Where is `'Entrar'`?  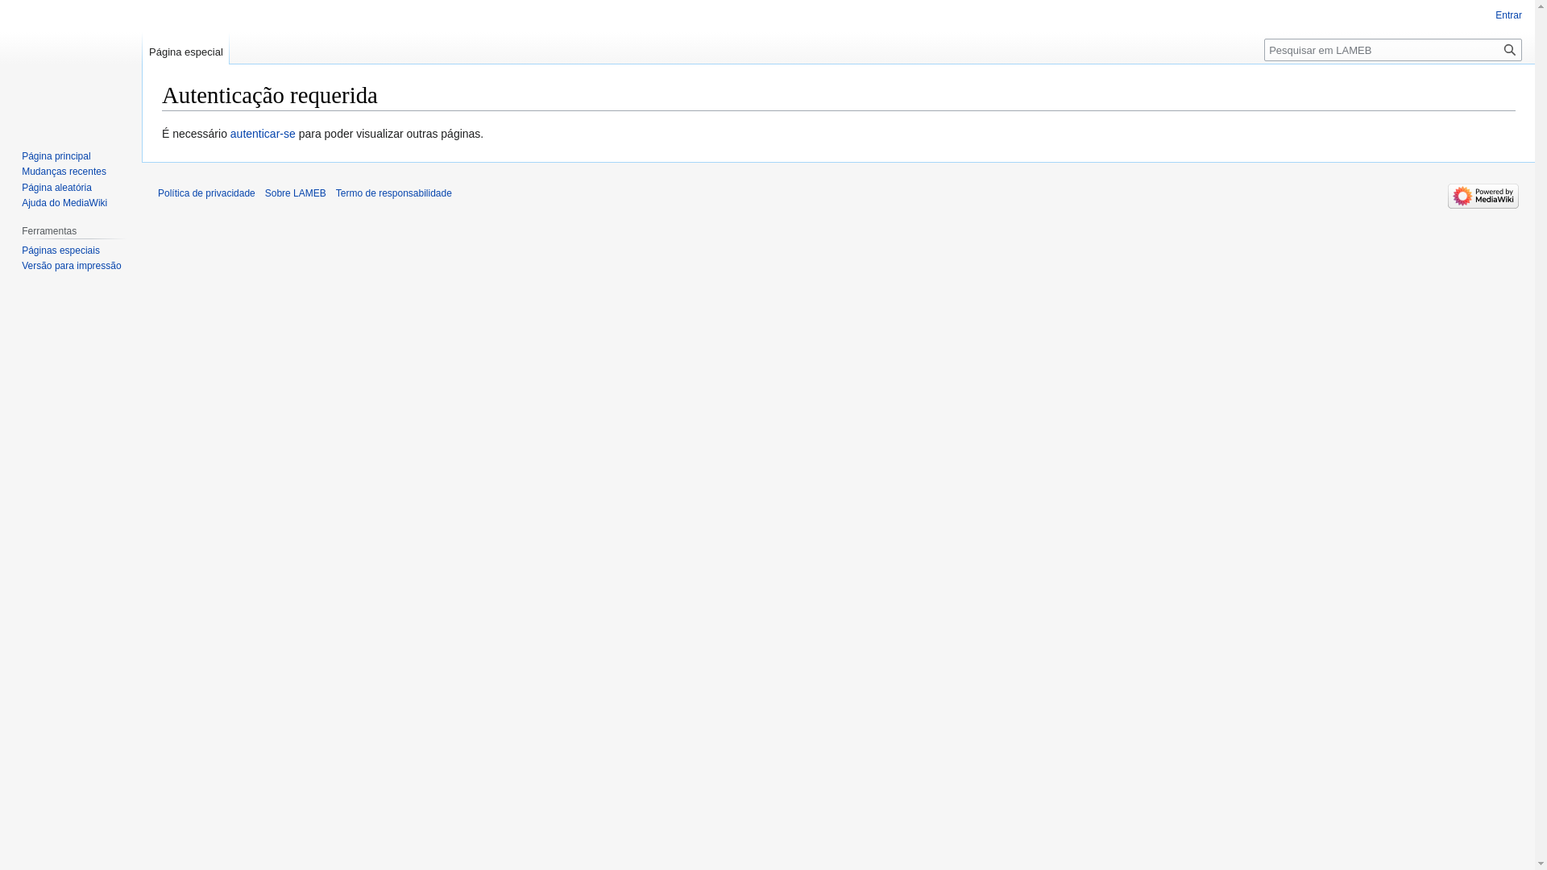 'Entrar' is located at coordinates (1508, 15).